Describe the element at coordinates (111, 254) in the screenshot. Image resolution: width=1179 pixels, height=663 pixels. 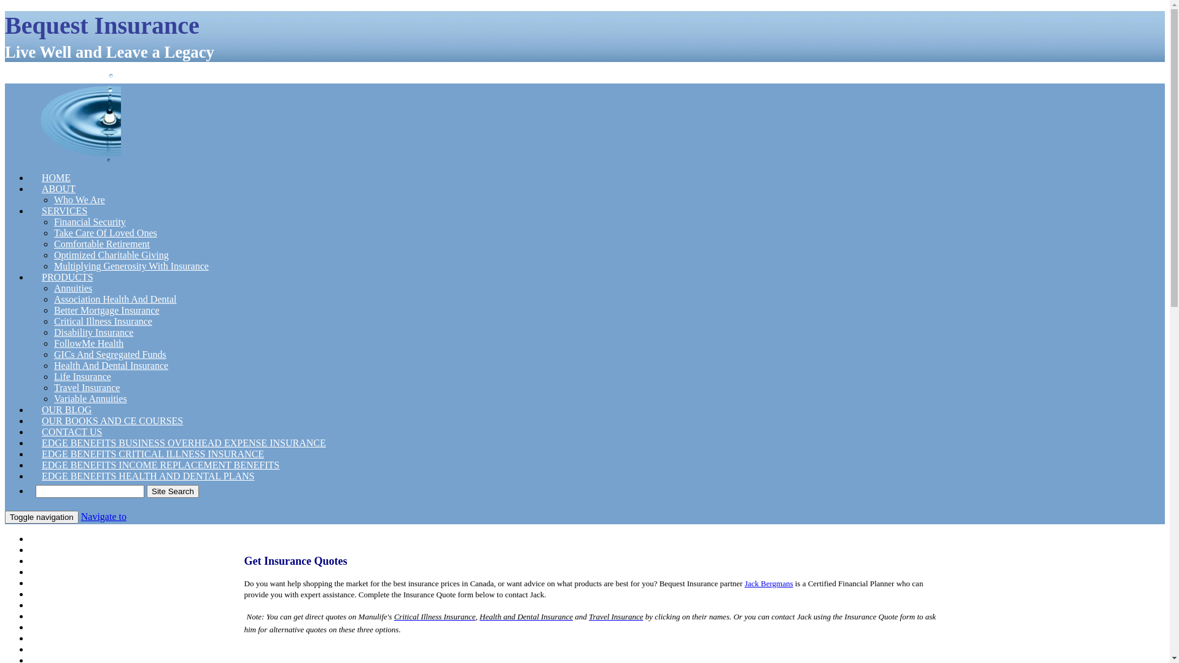
I see `'Optimized Charitable Giving'` at that location.